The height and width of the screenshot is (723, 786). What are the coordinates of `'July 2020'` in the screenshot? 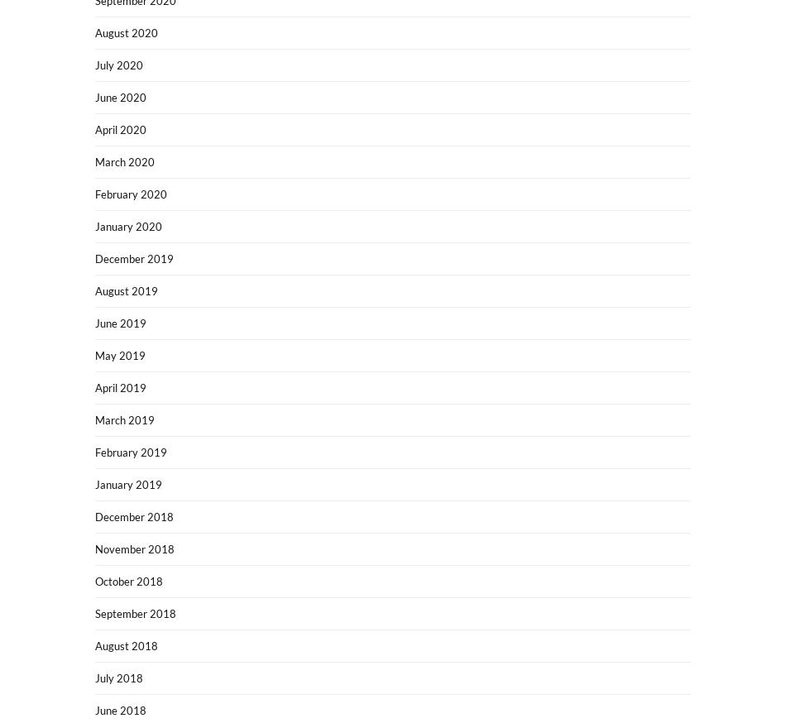 It's located at (95, 65).